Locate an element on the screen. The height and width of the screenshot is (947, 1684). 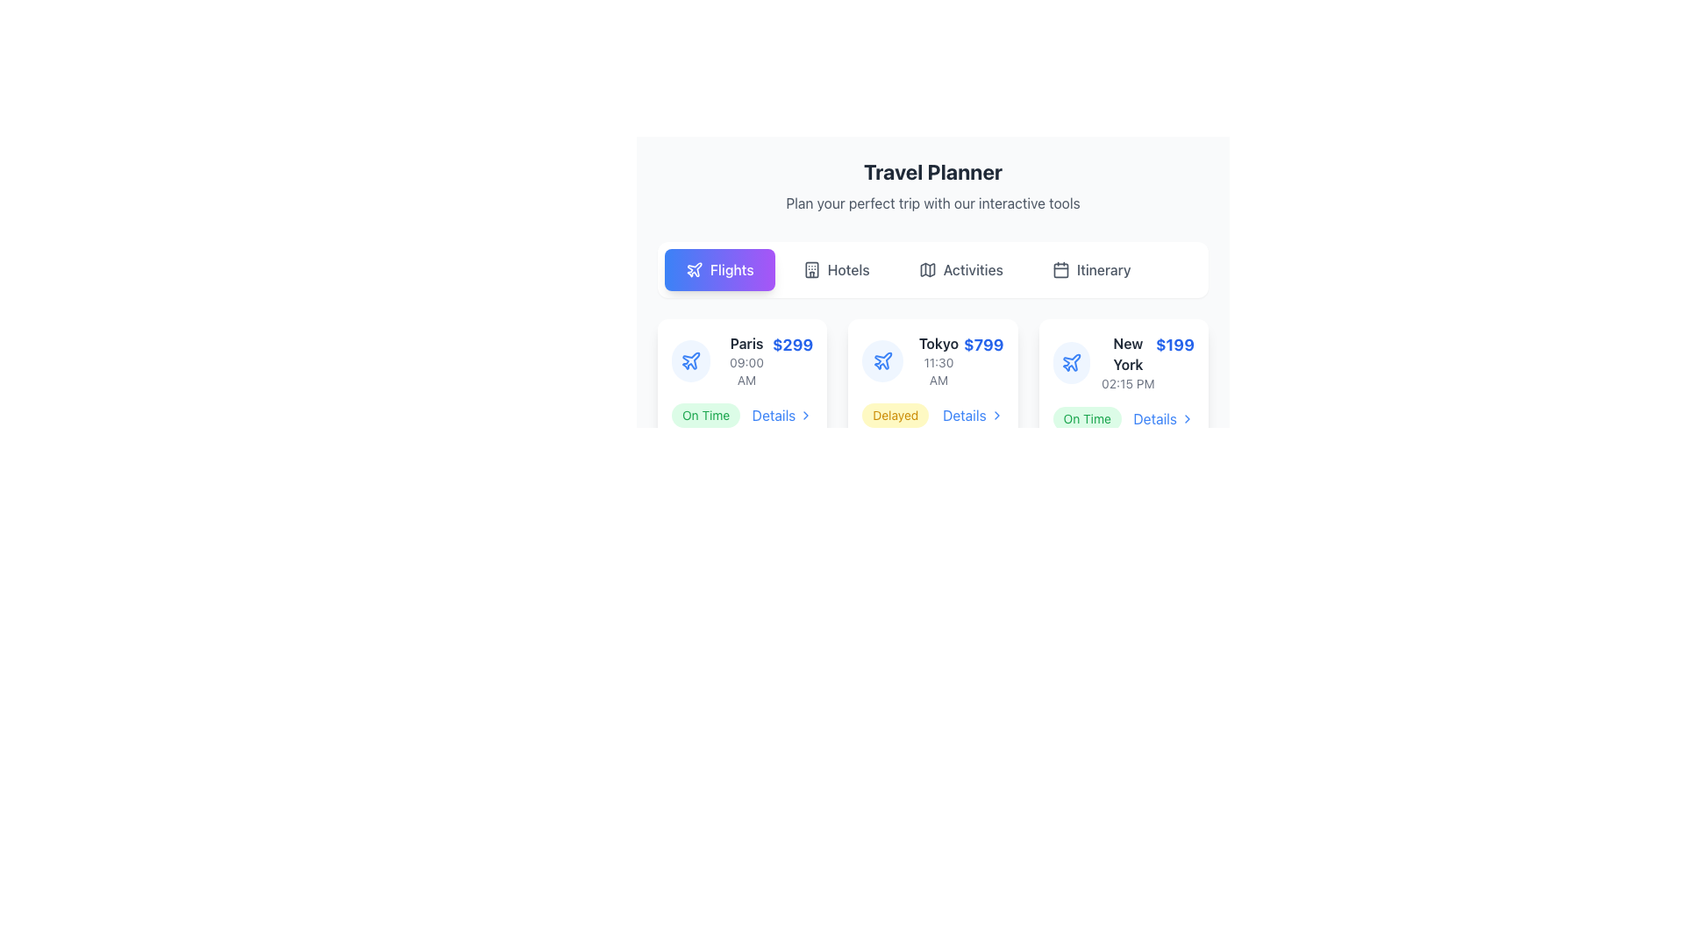
the fourth button in the horizontal navigation row is located at coordinates (1090, 270).